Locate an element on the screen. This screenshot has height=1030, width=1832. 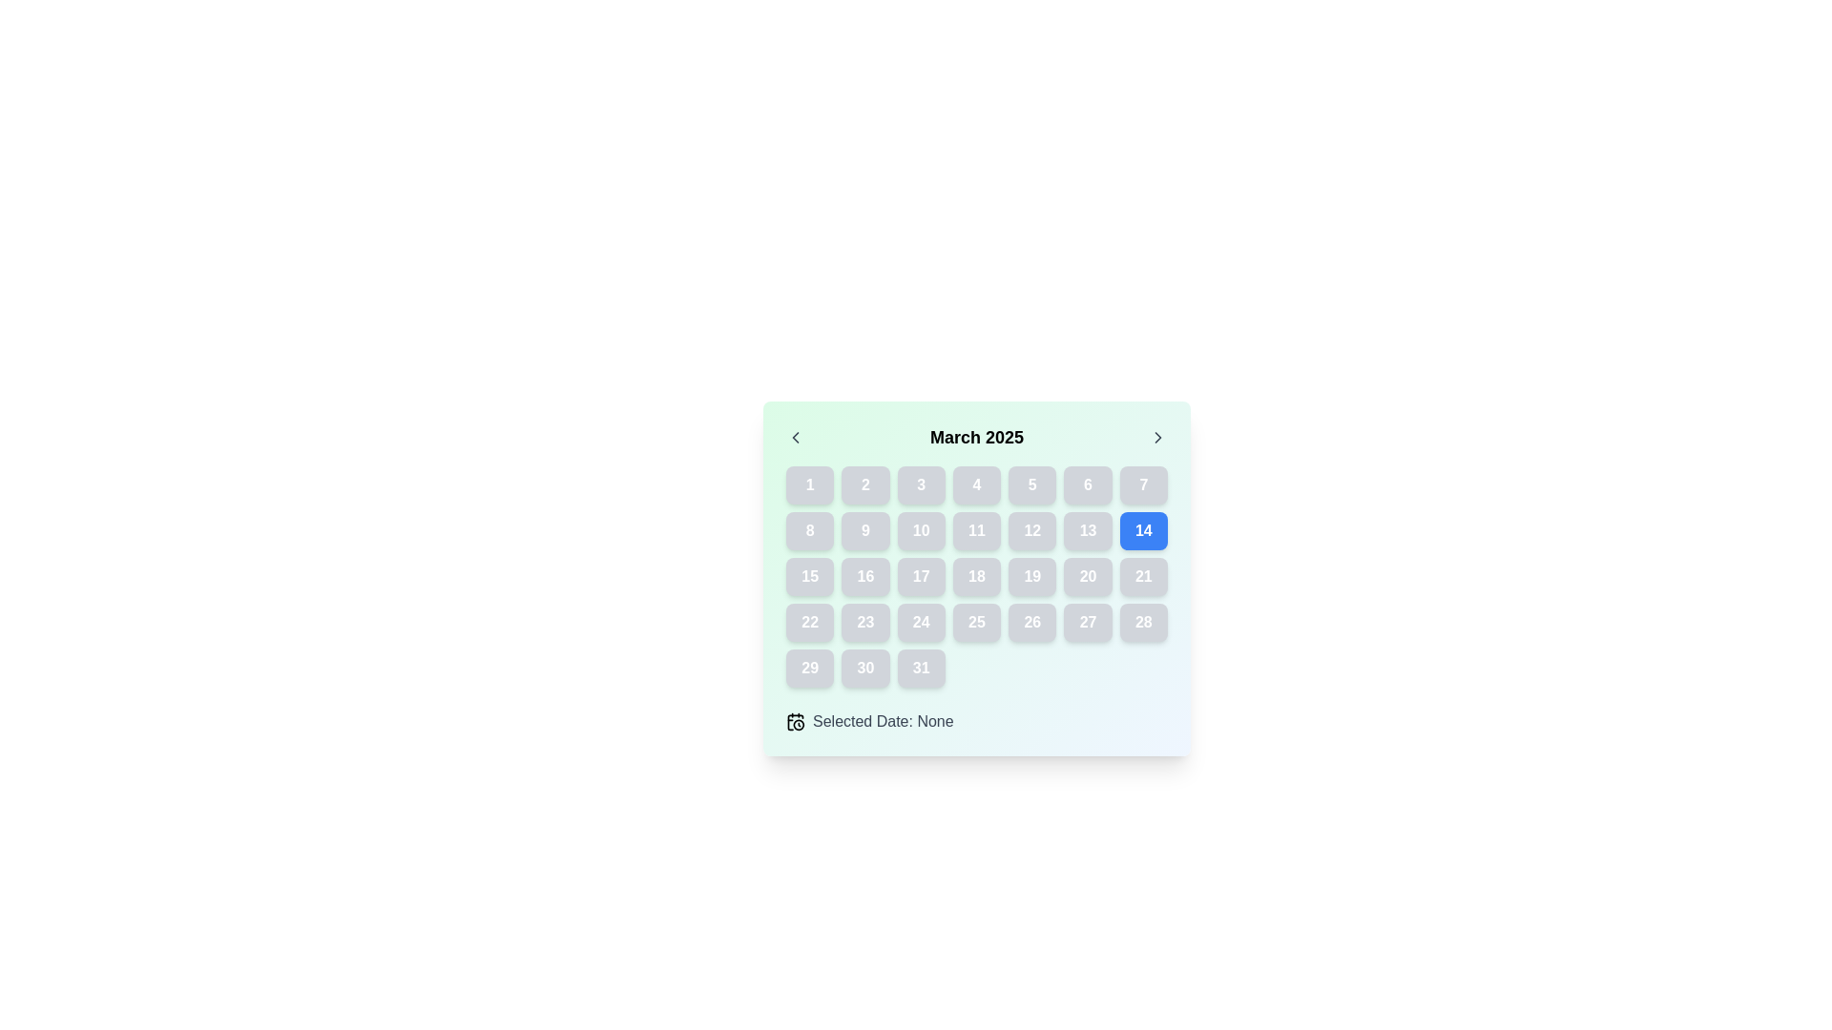
the bold text label displaying 'March 2025' prominently at the center of the calendar interface is located at coordinates (976, 438).